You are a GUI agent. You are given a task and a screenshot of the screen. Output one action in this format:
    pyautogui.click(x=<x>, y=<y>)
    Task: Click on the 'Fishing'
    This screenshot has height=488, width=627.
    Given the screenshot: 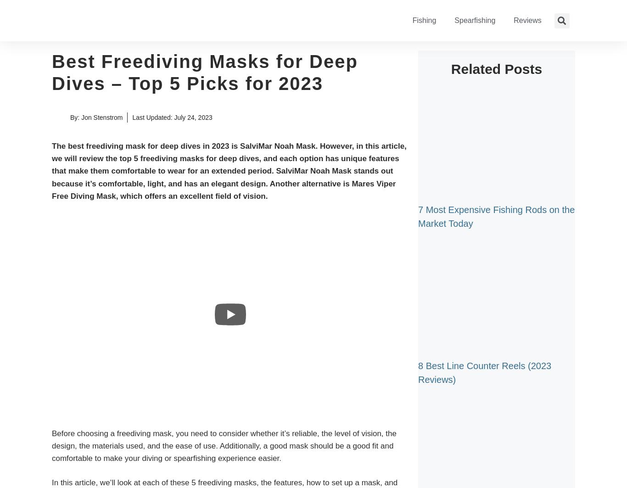 What is the action you would take?
    pyautogui.click(x=412, y=20)
    